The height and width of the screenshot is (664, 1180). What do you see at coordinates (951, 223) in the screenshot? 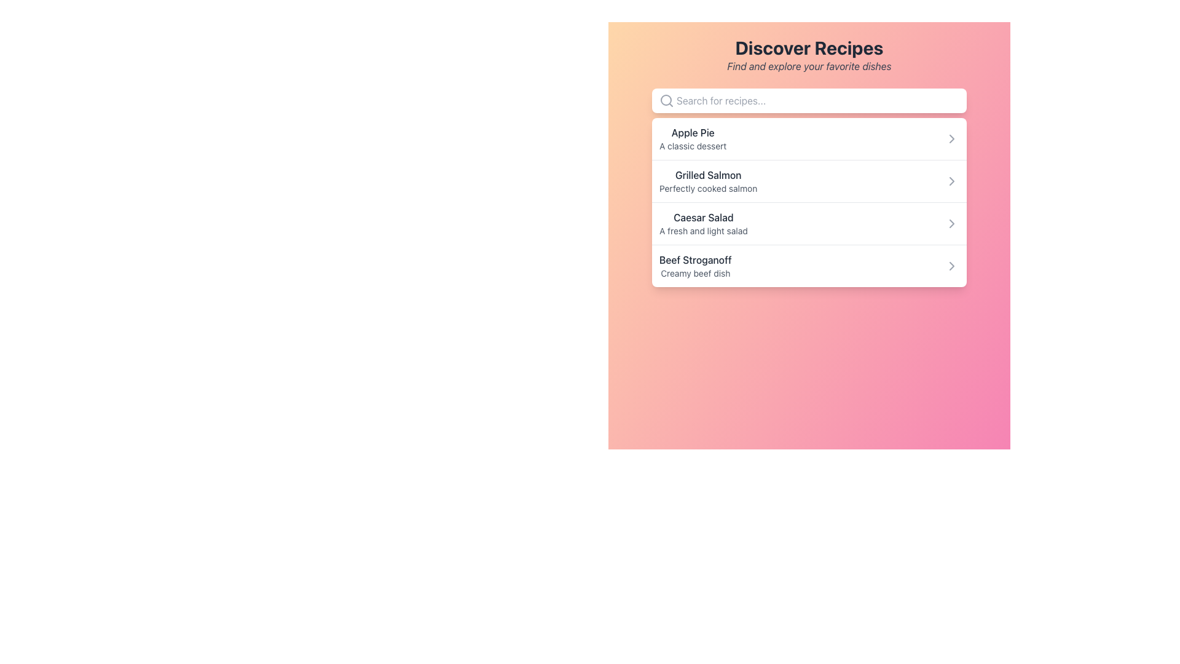
I see `the icon indicating the 'Caesar Salad' item, which is positioned at the rightmost end of its row, to interact with it` at bounding box center [951, 223].